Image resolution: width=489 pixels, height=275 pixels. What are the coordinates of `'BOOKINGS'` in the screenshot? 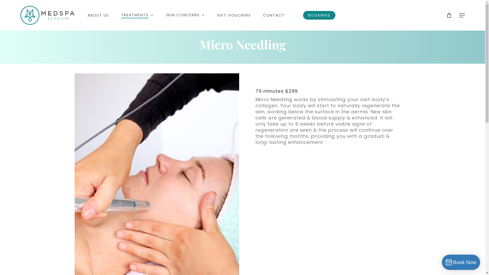 It's located at (303, 15).